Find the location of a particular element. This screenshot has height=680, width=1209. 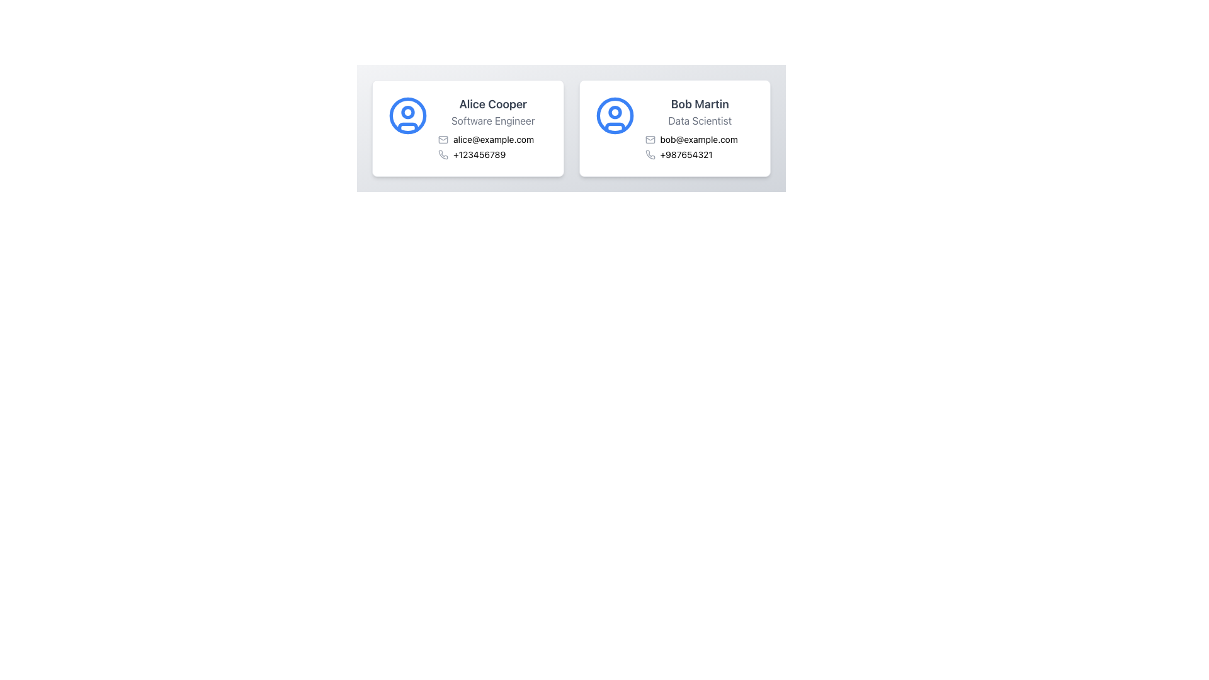

the hyperlink displaying 'bob@example.com' is located at coordinates (698, 140).